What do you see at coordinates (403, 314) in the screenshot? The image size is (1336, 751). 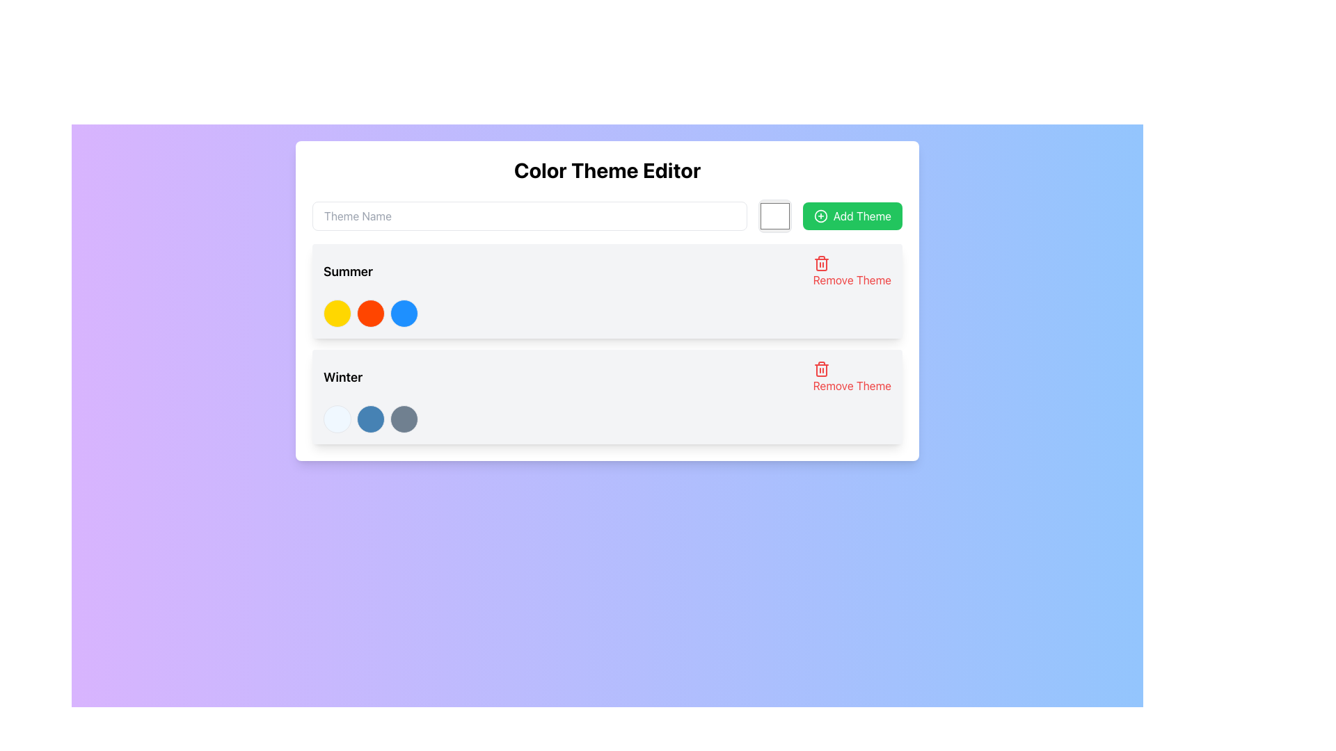 I see `the blue circular Color indicator in the Summer section of the Color Theme Editor` at bounding box center [403, 314].